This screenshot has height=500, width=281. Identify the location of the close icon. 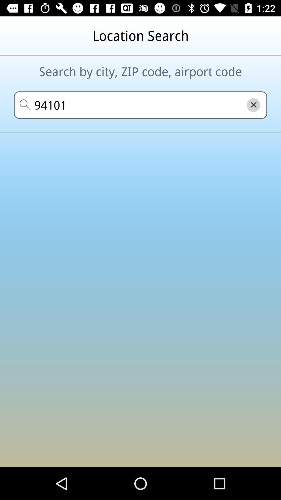
(253, 105).